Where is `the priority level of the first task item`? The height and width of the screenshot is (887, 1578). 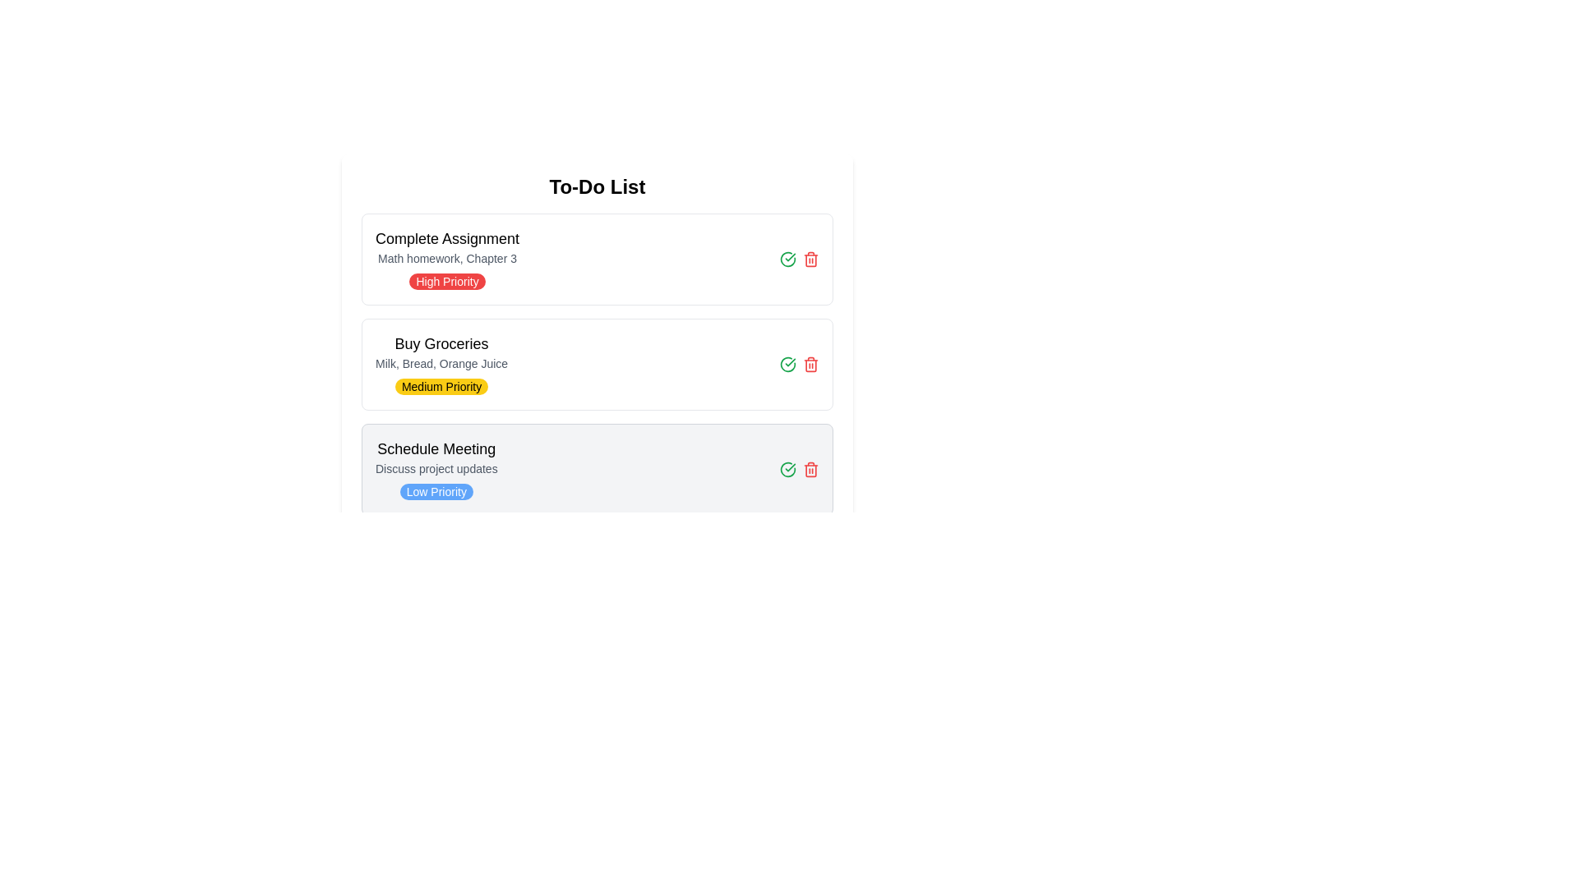 the priority level of the first task item is located at coordinates (596, 259).